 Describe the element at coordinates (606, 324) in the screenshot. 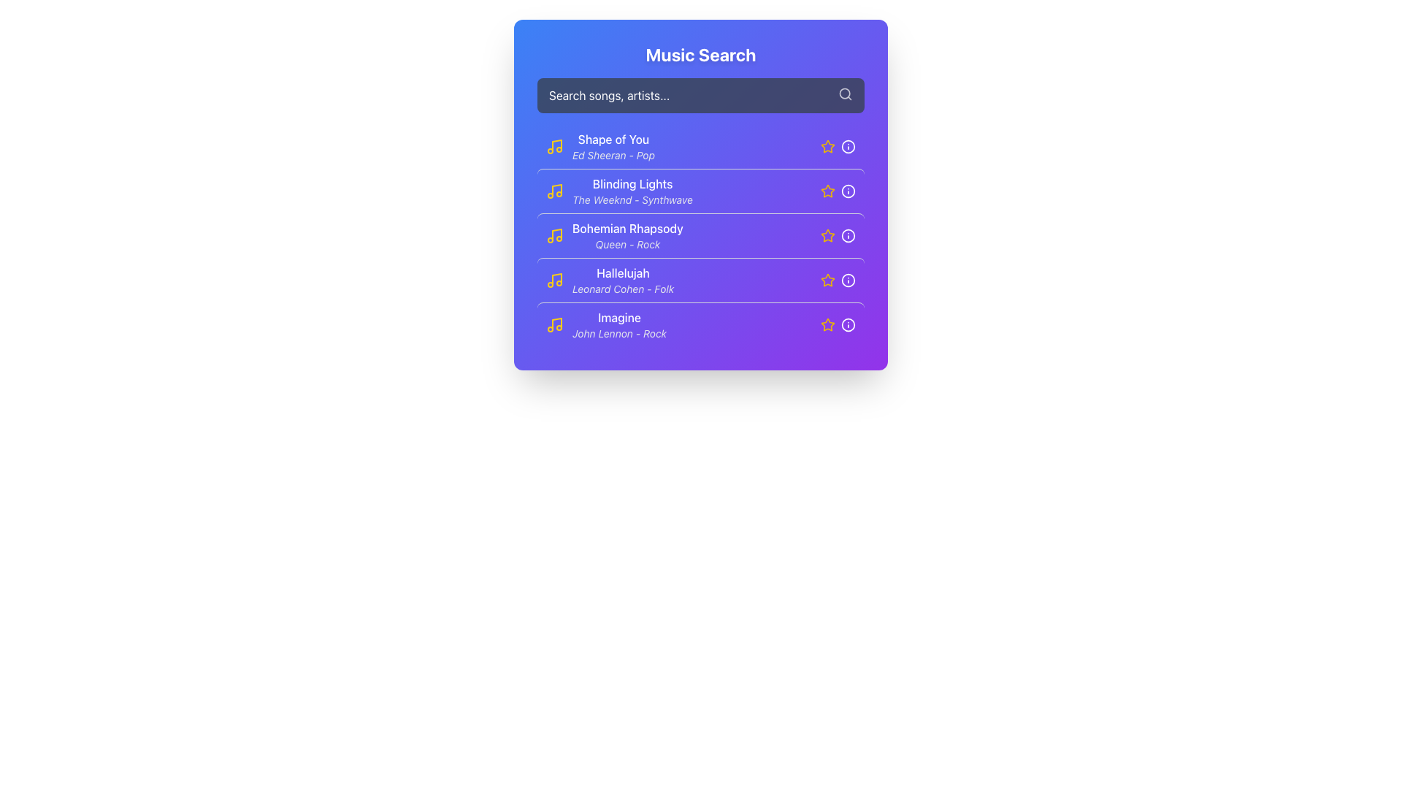

I see `the fifth song item` at that location.